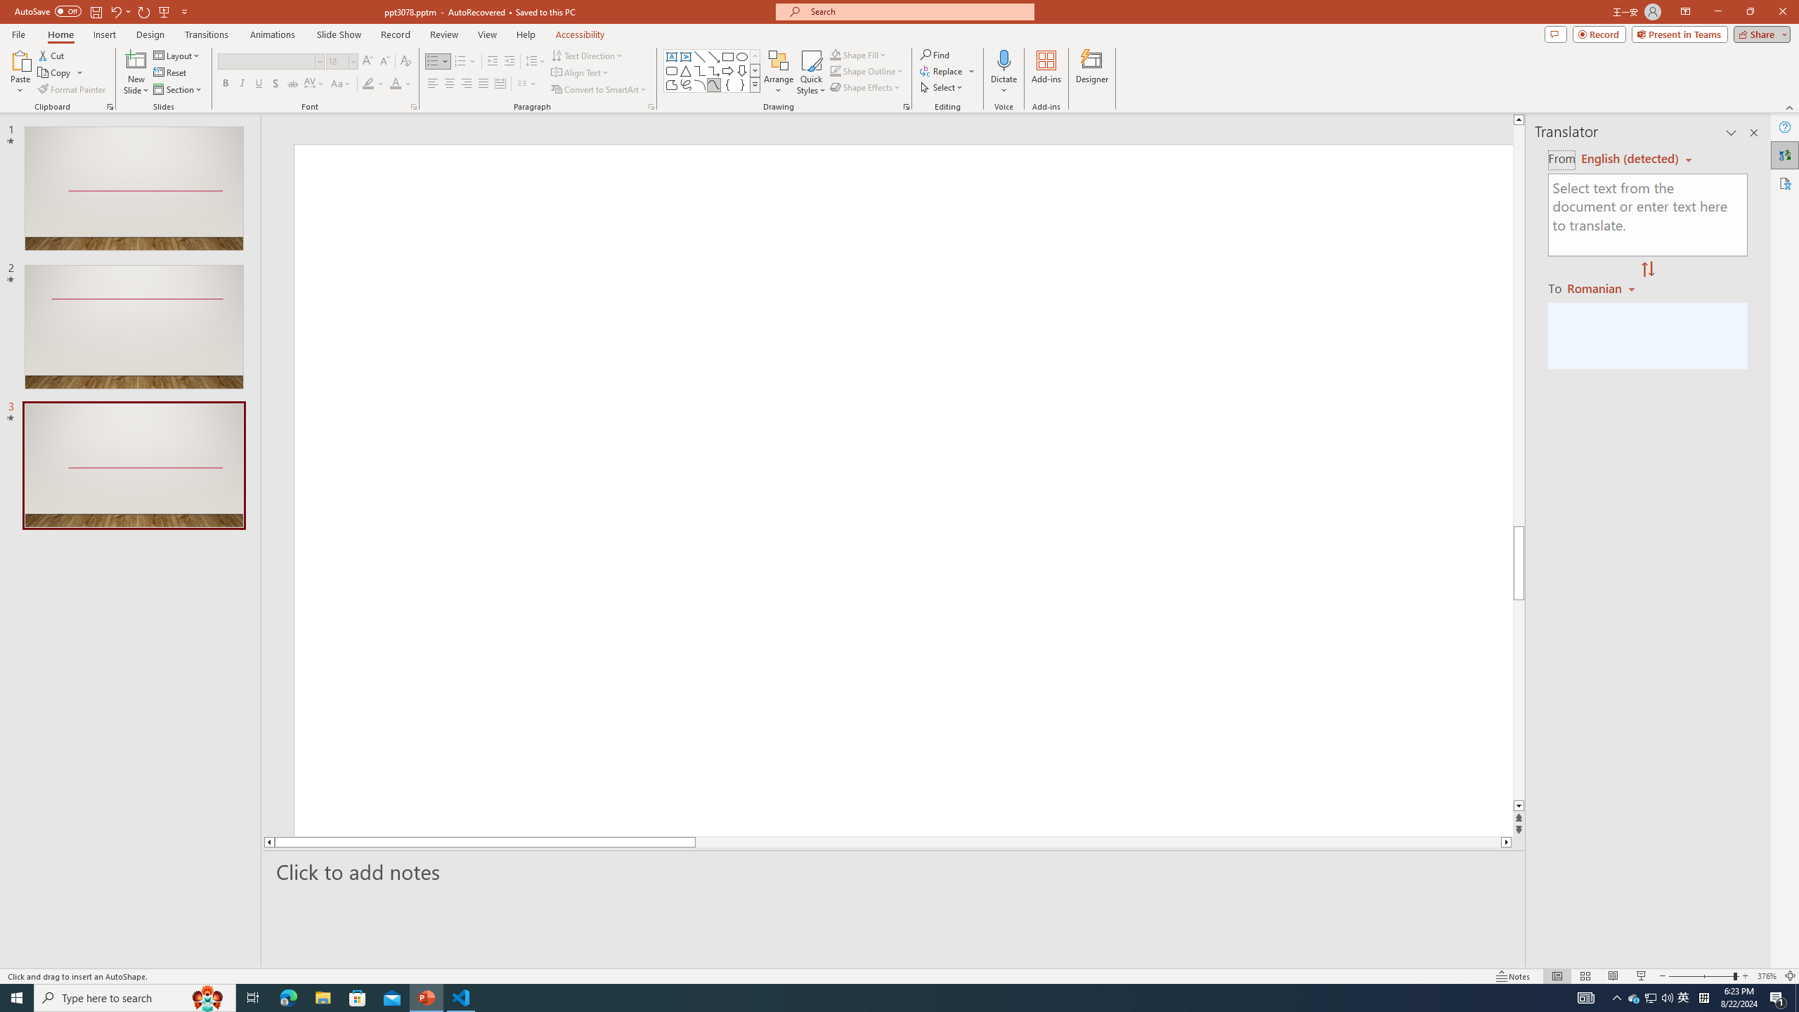 This screenshot has width=1799, height=1012. What do you see at coordinates (684, 56) in the screenshot?
I see `'Vertical Text Box'` at bounding box center [684, 56].